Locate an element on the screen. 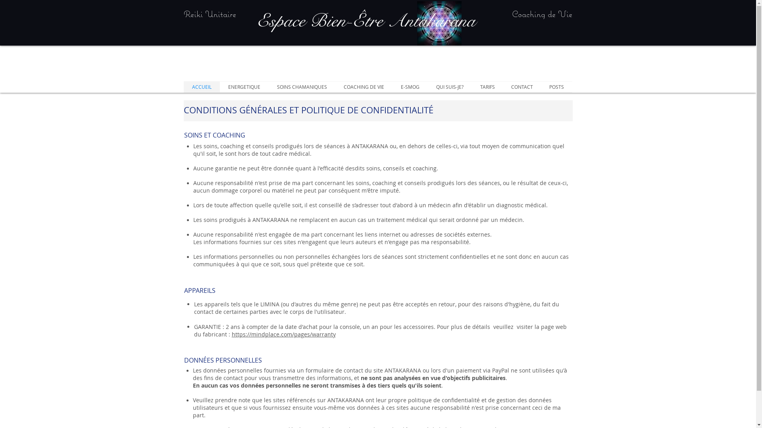 The height and width of the screenshot is (428, 762). 'SOINS CHAMANIQUES' is located at coordinates (301, 87).